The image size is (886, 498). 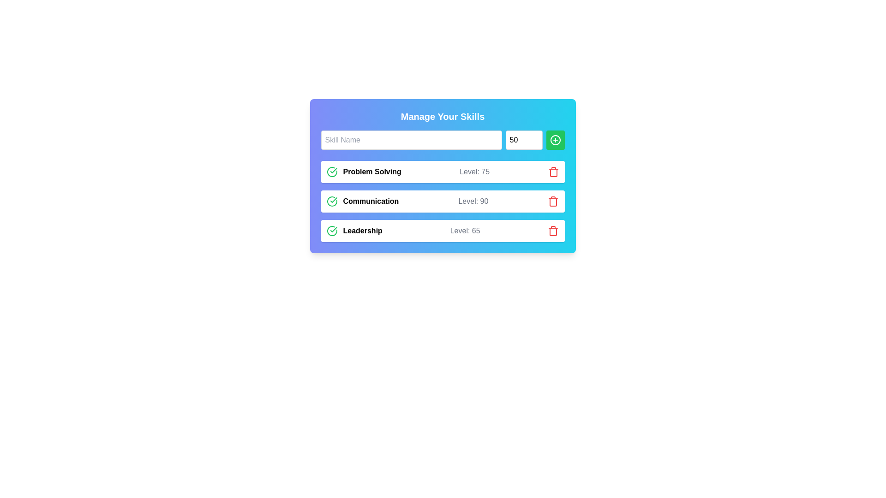 I want to click on the green circular arc graphical visualization in the 'Manage Your Skills' section beside the 'Leadership' label, so click(x=332, y=231).